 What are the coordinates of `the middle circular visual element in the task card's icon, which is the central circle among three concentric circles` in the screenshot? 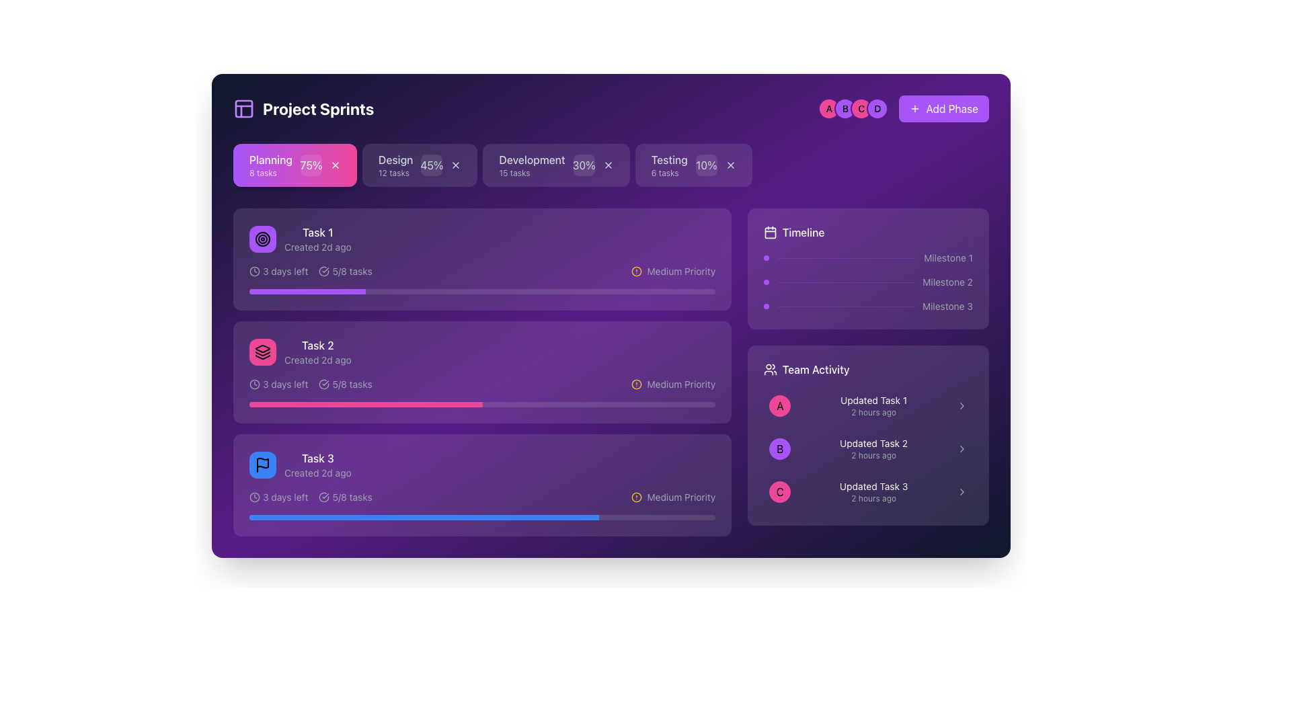 It's located at (262, 238).